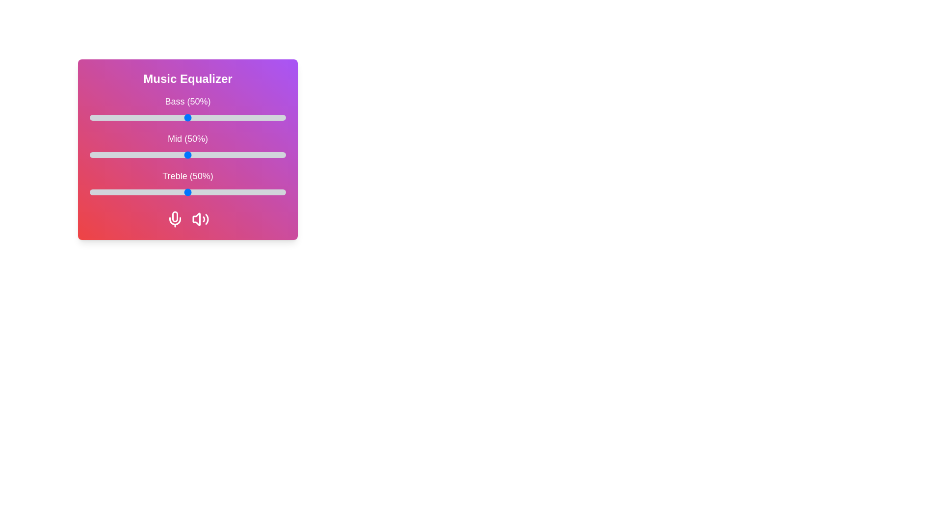 This screenshot has height=530, width=942. I want to click on the 1 slider to 51%, so click(190, 155).